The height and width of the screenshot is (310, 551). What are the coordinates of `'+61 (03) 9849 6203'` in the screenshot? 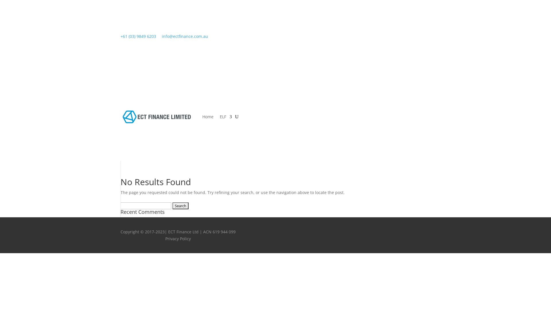 It's located at (138, 36).